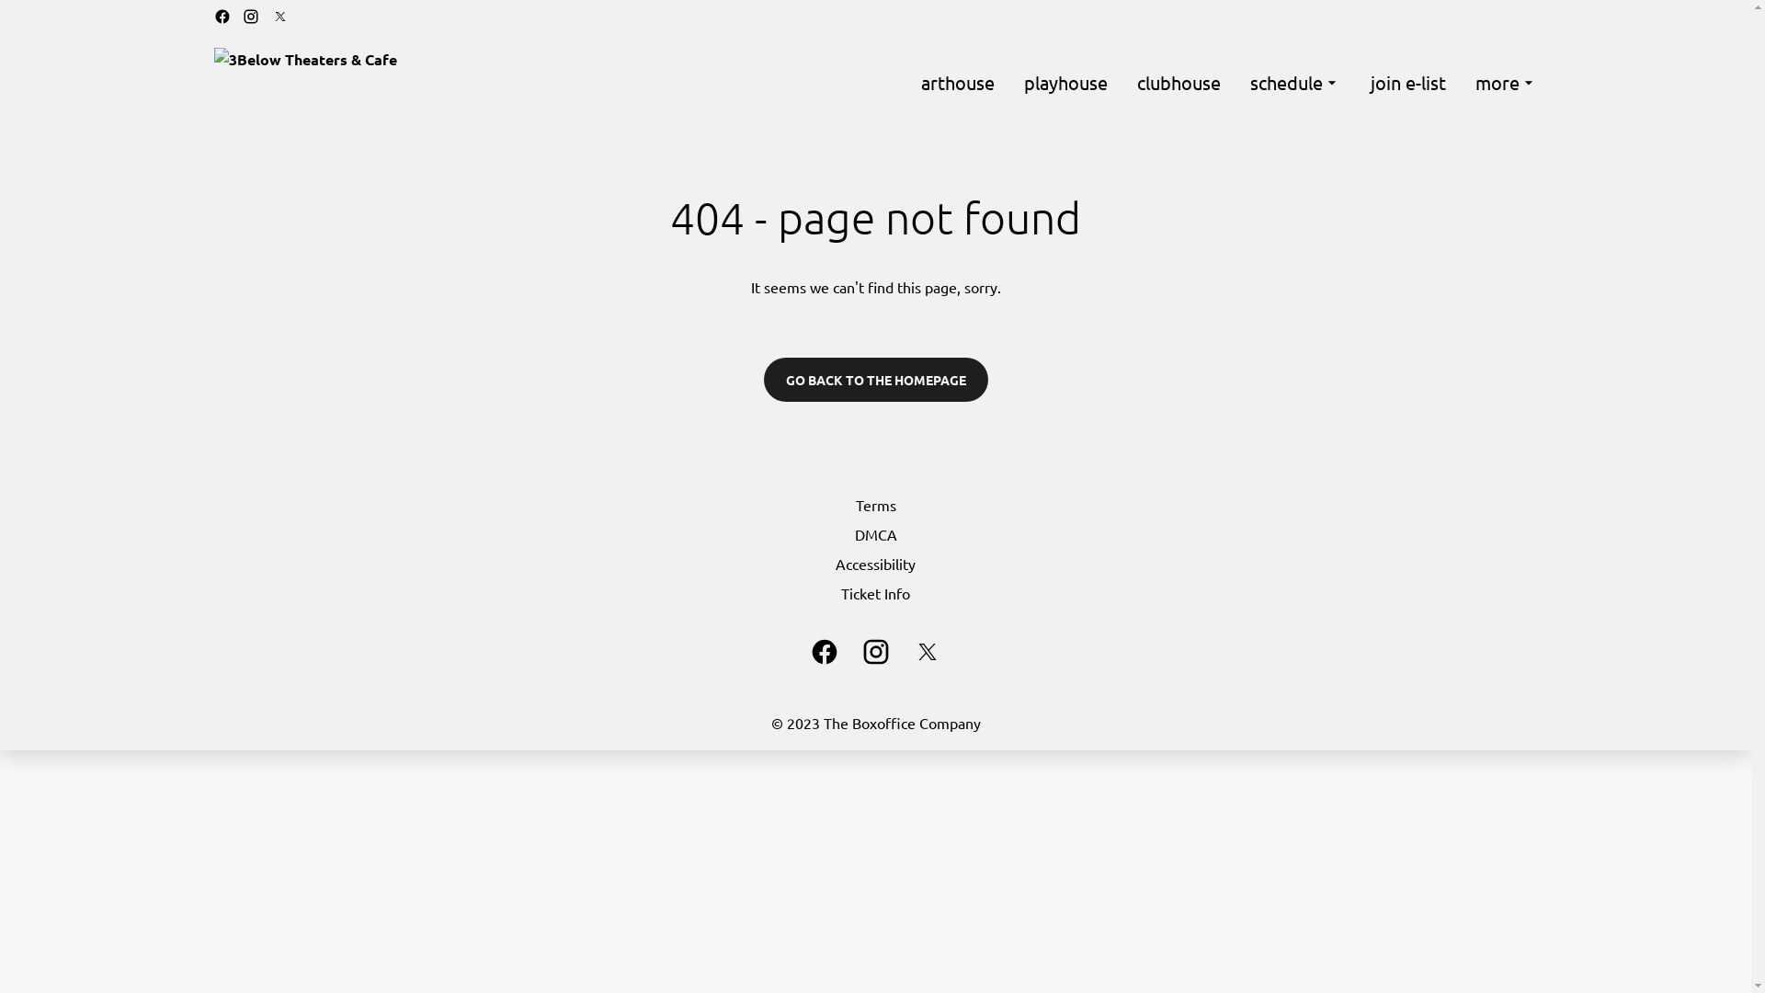 The height and width of the screenshot is (993, 1765). What do you see at coordinates (1178, 81) in the screenshot?
I see `'clubhouse'` at bounding box center [1178, 81].